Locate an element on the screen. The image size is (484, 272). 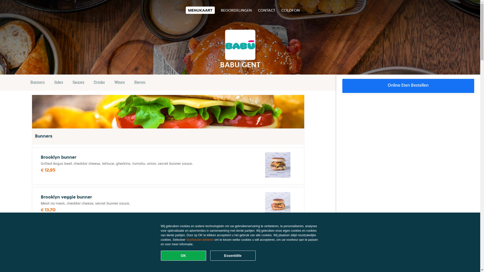
'Online Eten Bestellen' is located at coordinates (340, 85).